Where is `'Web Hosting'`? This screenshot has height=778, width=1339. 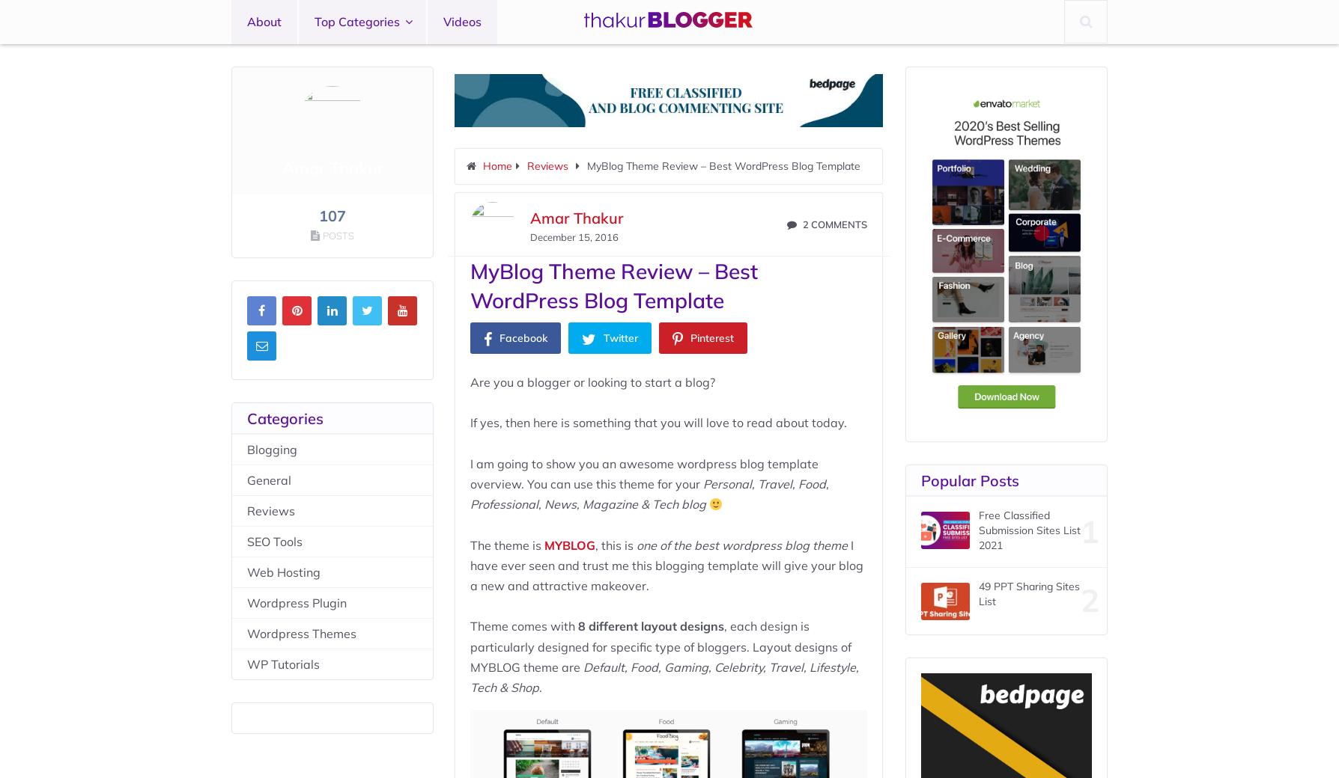
'Web Hosting' is located at coordinates (246, 572).